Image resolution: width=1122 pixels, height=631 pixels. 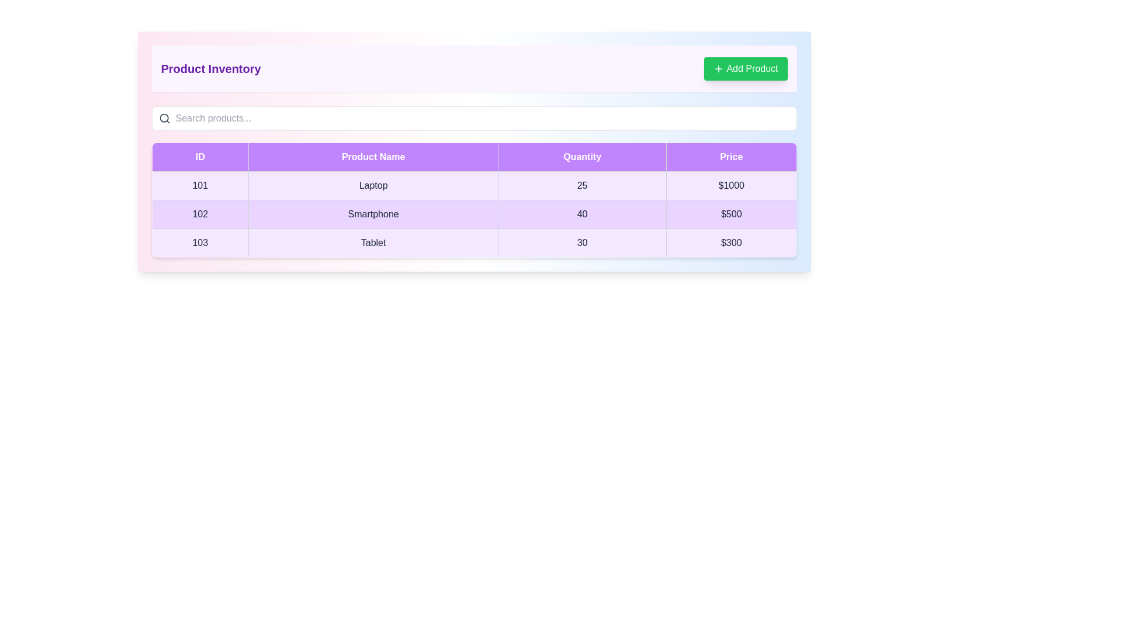 What do you see at coordinates (200, 214) in the screenshot?
I see `the static text field displaying the identifier '102' in the inventory table, which is located in the second row under the 'ID' column` at bounding box center [200, 214].